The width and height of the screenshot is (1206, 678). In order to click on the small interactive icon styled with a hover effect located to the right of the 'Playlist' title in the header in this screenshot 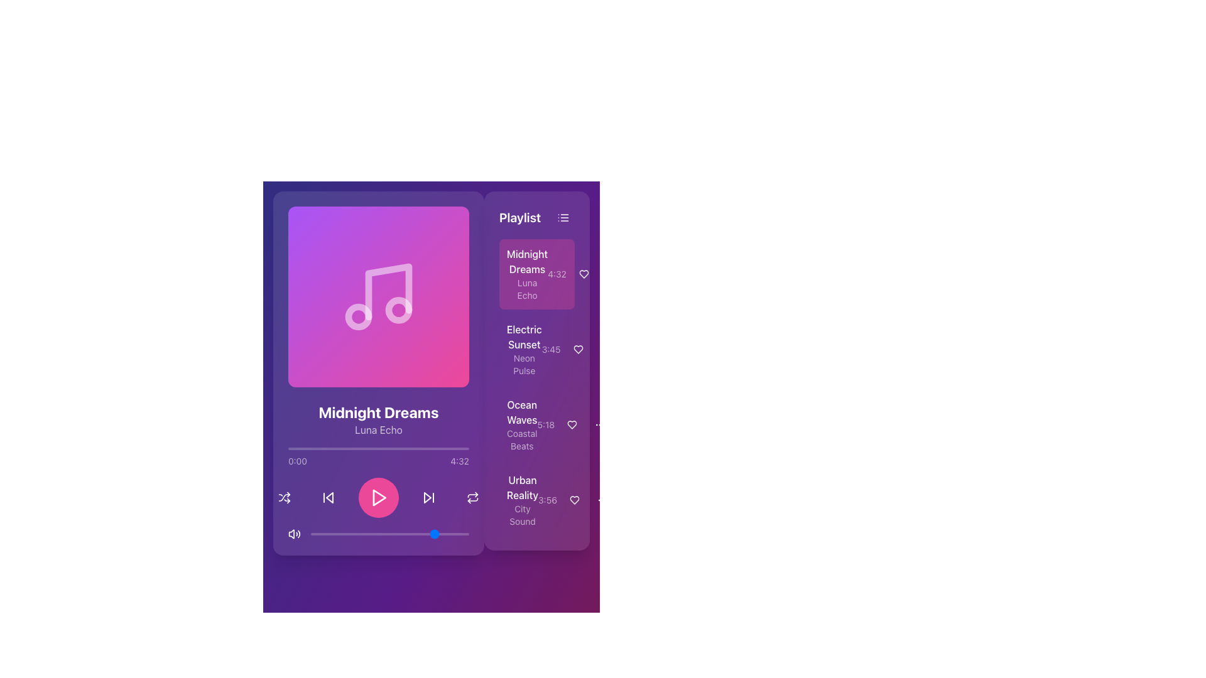, I will do `click(563, 217)`.